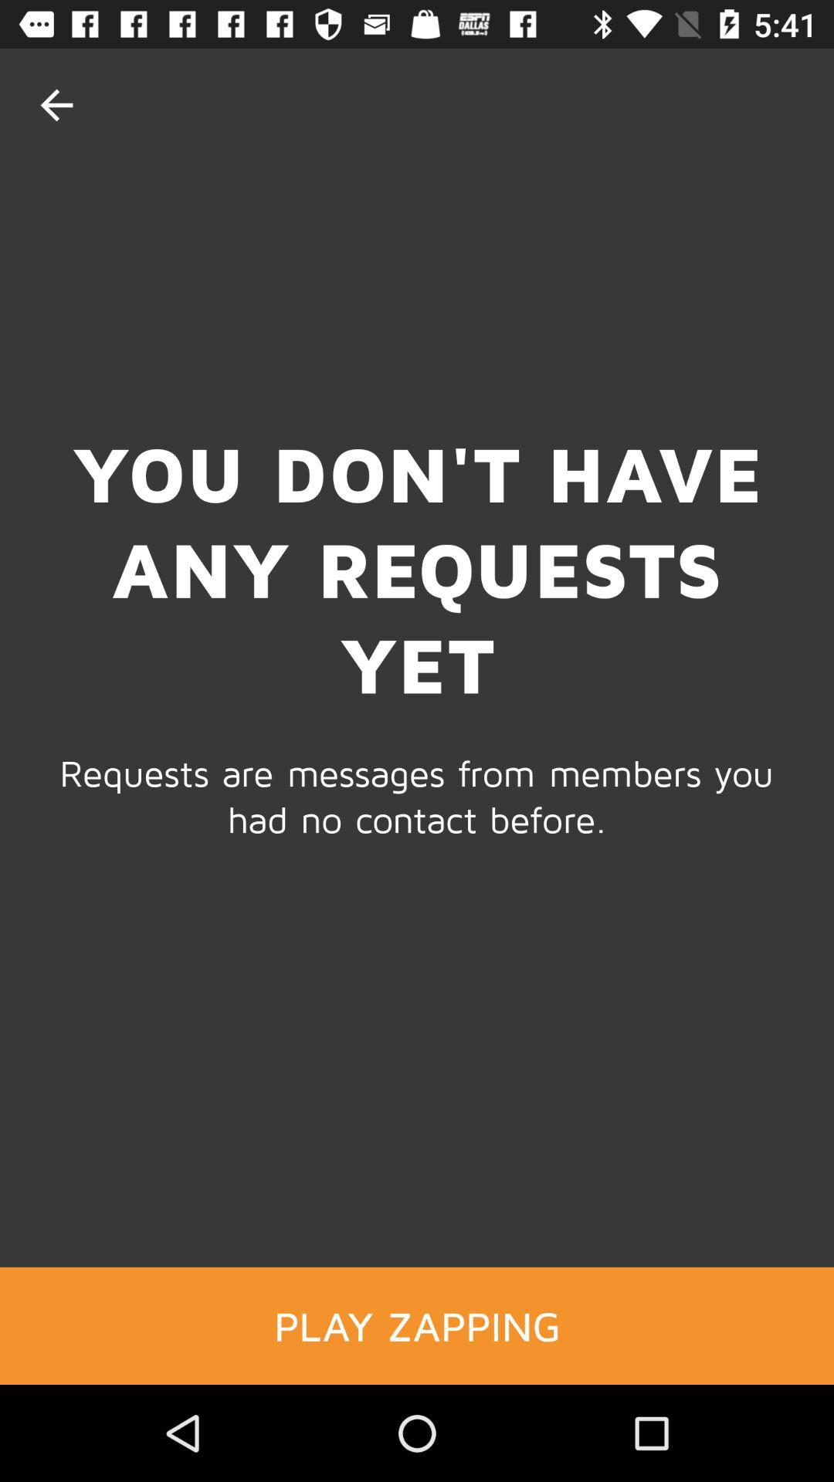 The height and width of the screenshot is (1482, 834). Describe the element at coordinates (417, 1325) in the screenshot. I see `the icon below the requests are messages icon` at that location.